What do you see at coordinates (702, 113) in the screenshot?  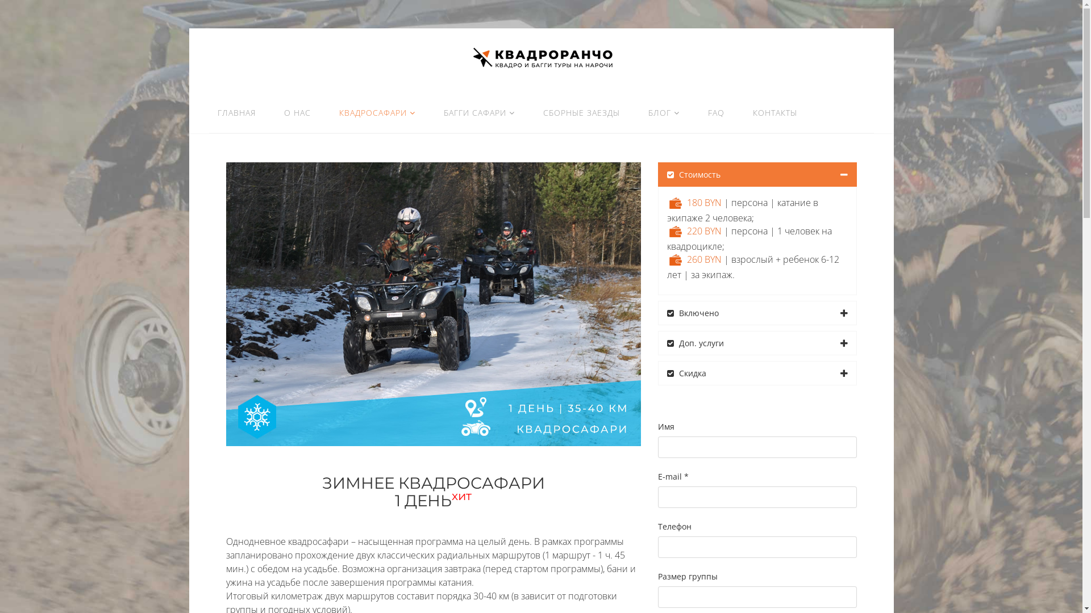 I see `'FAQ'` at bounding box center [702, 113].